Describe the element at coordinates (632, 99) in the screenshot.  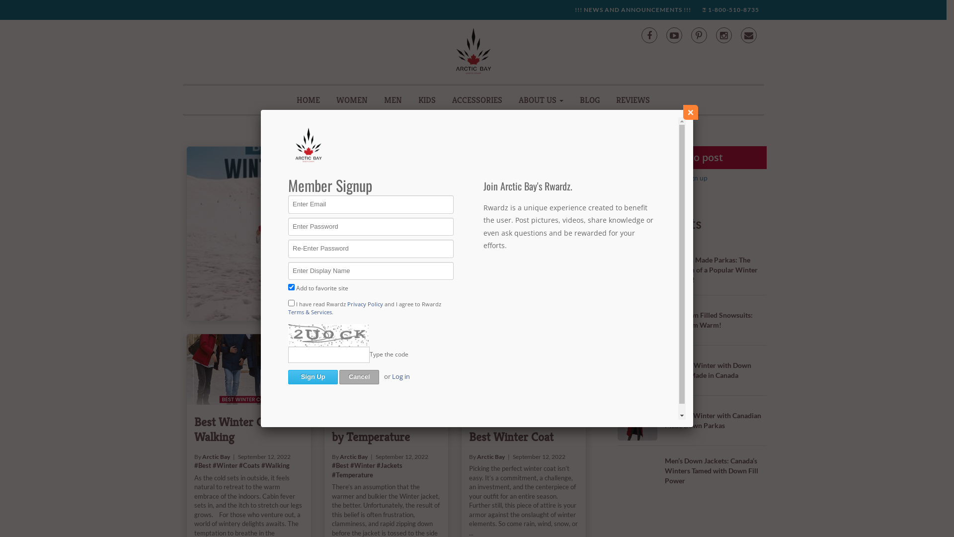
I see `'REVIEWS'` at that location.